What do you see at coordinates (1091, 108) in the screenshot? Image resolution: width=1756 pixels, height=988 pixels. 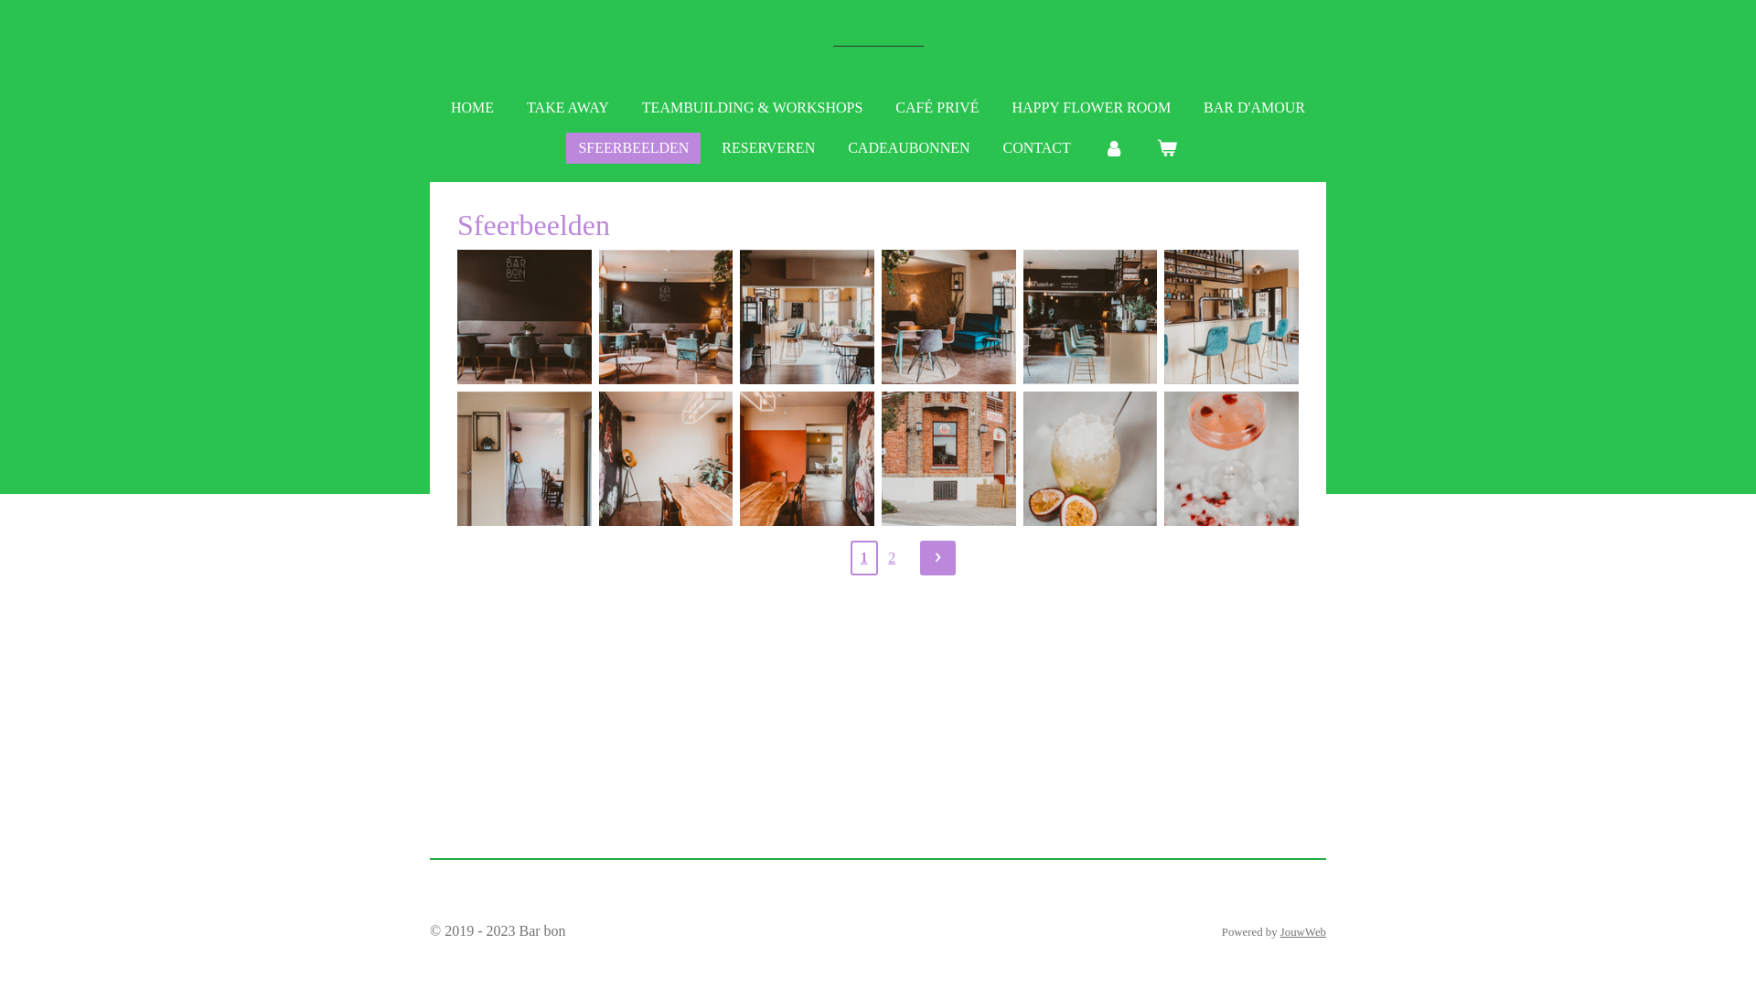 I see `'HAPPY FLOWER ROOM'` at bounding box center [1091, 108].